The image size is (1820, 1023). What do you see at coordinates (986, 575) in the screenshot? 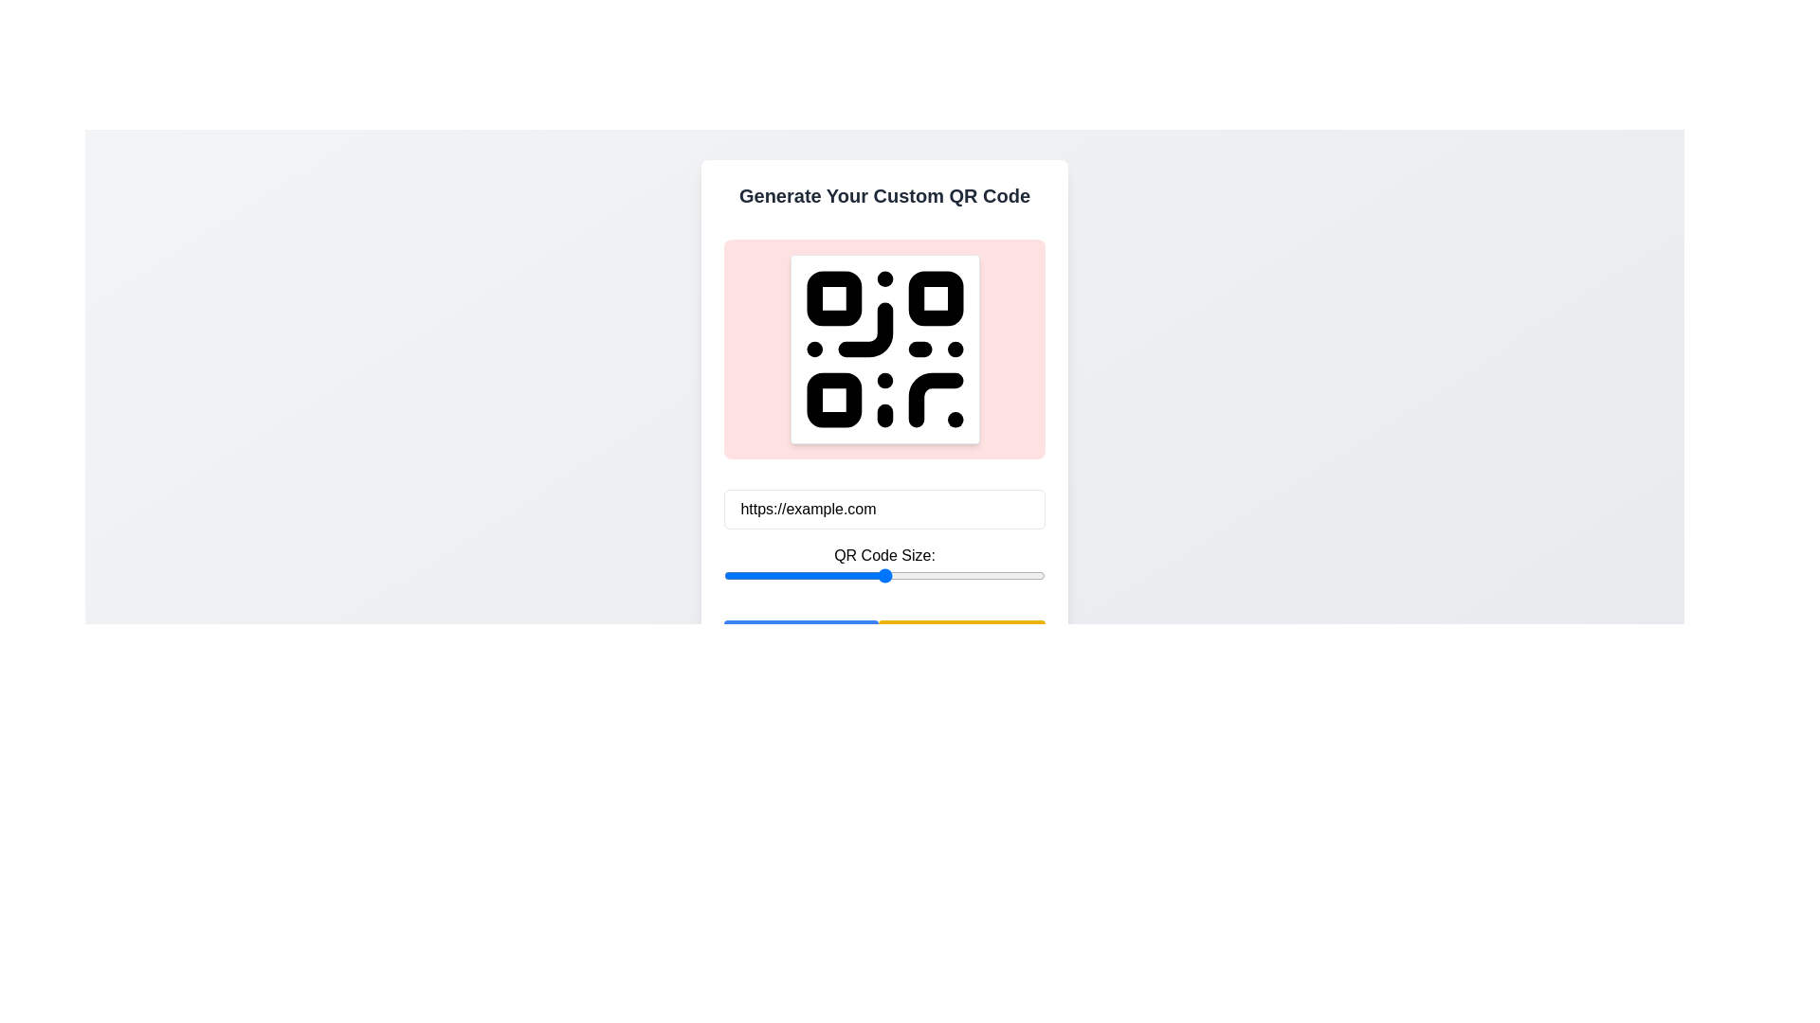
I see `QR code size` at bounding box center [986, 575].